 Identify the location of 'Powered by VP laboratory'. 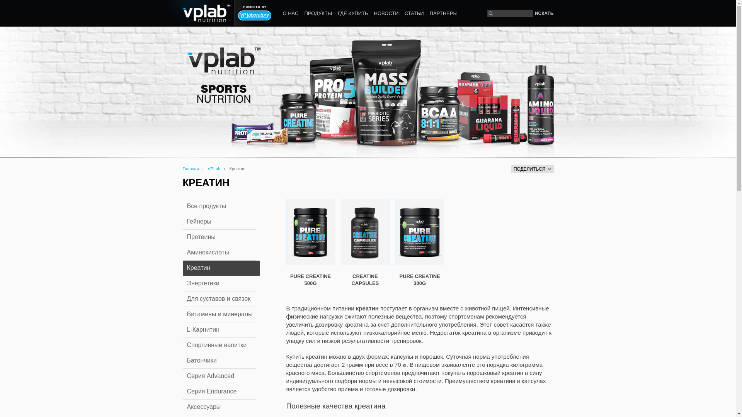
(254, 13).